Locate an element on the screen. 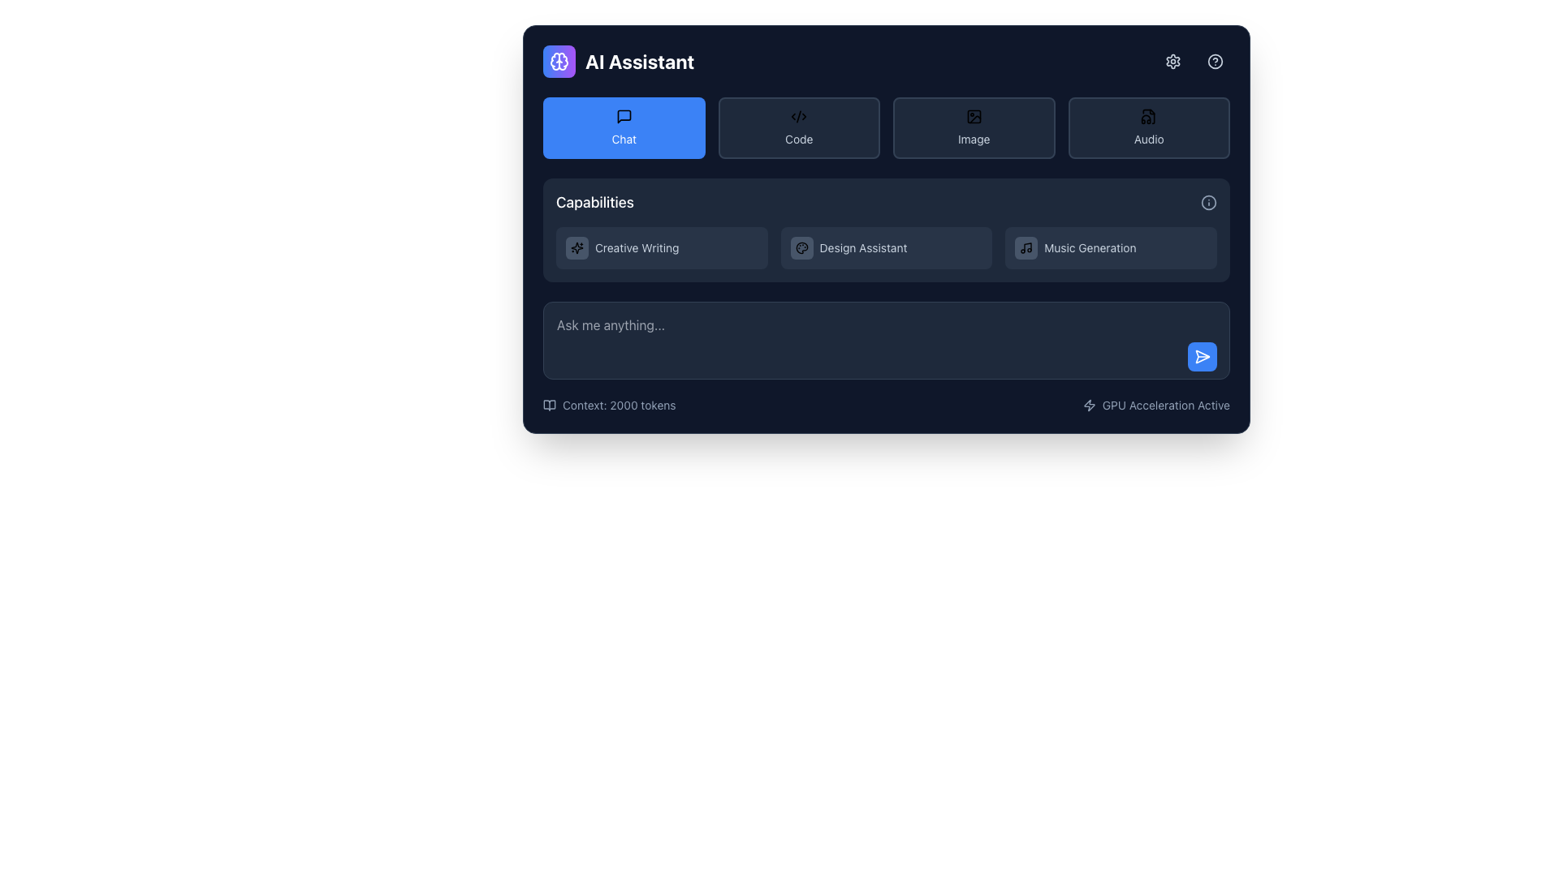  the settings icon located in the top-right section of the interface is located at coordinates (1172, 61).